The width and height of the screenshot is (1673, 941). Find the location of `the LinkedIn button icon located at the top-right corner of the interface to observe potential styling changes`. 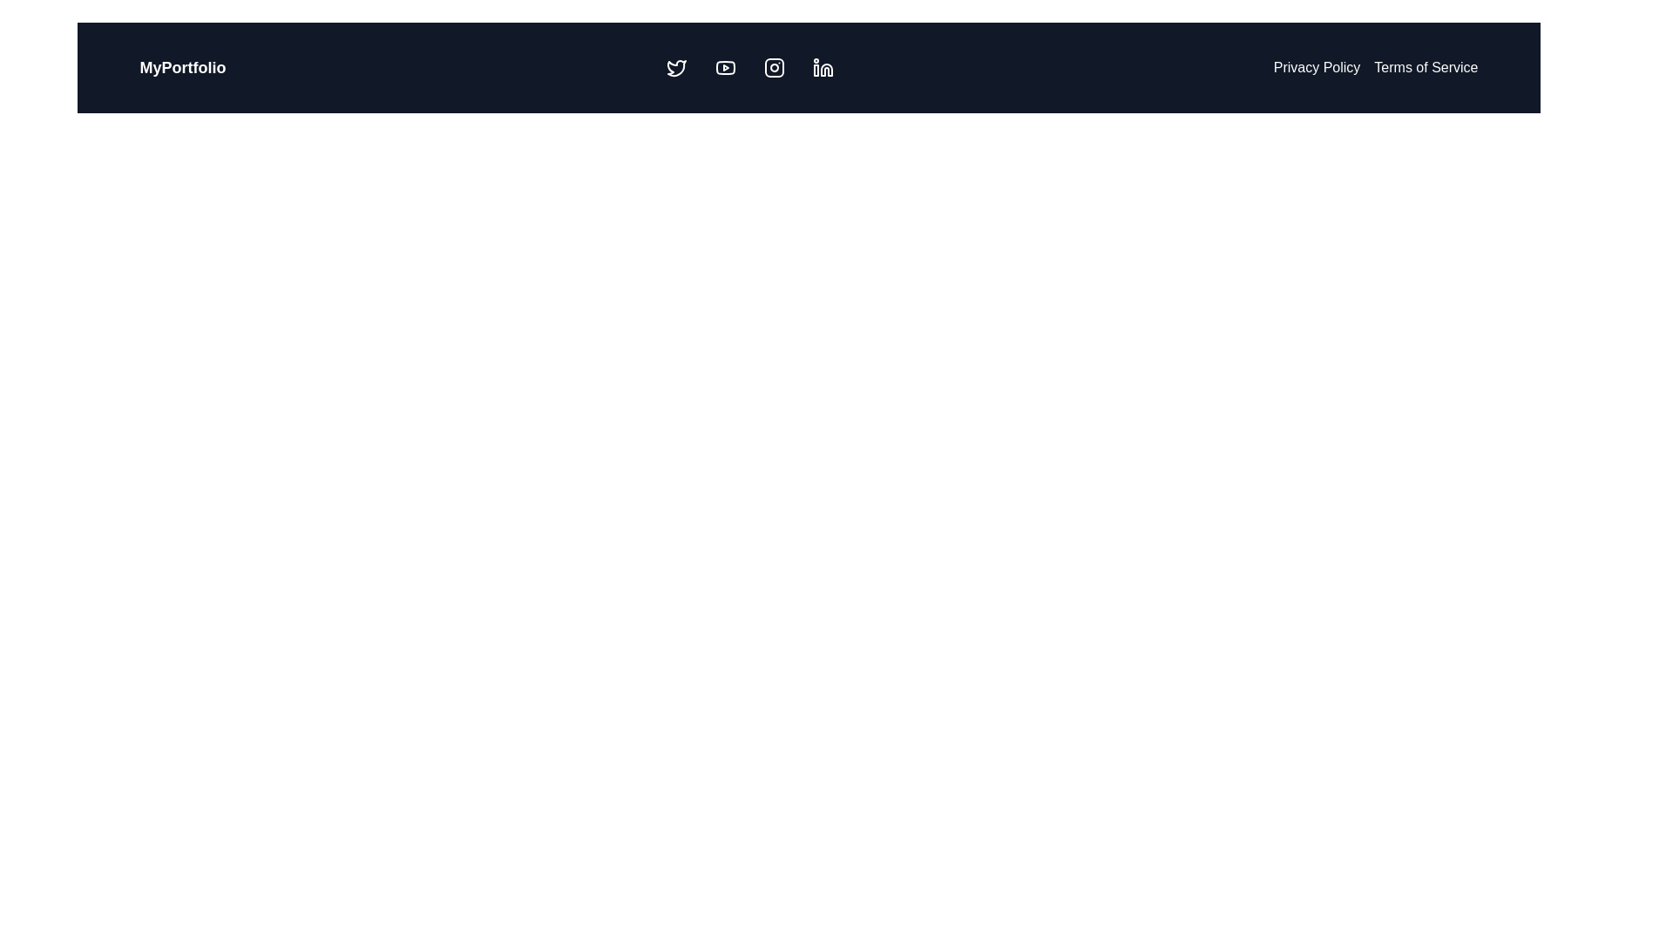

the LinkedIn button icon located at the top-right corner of the interface to observe potential styling changes is located at coordinates (822, 66).